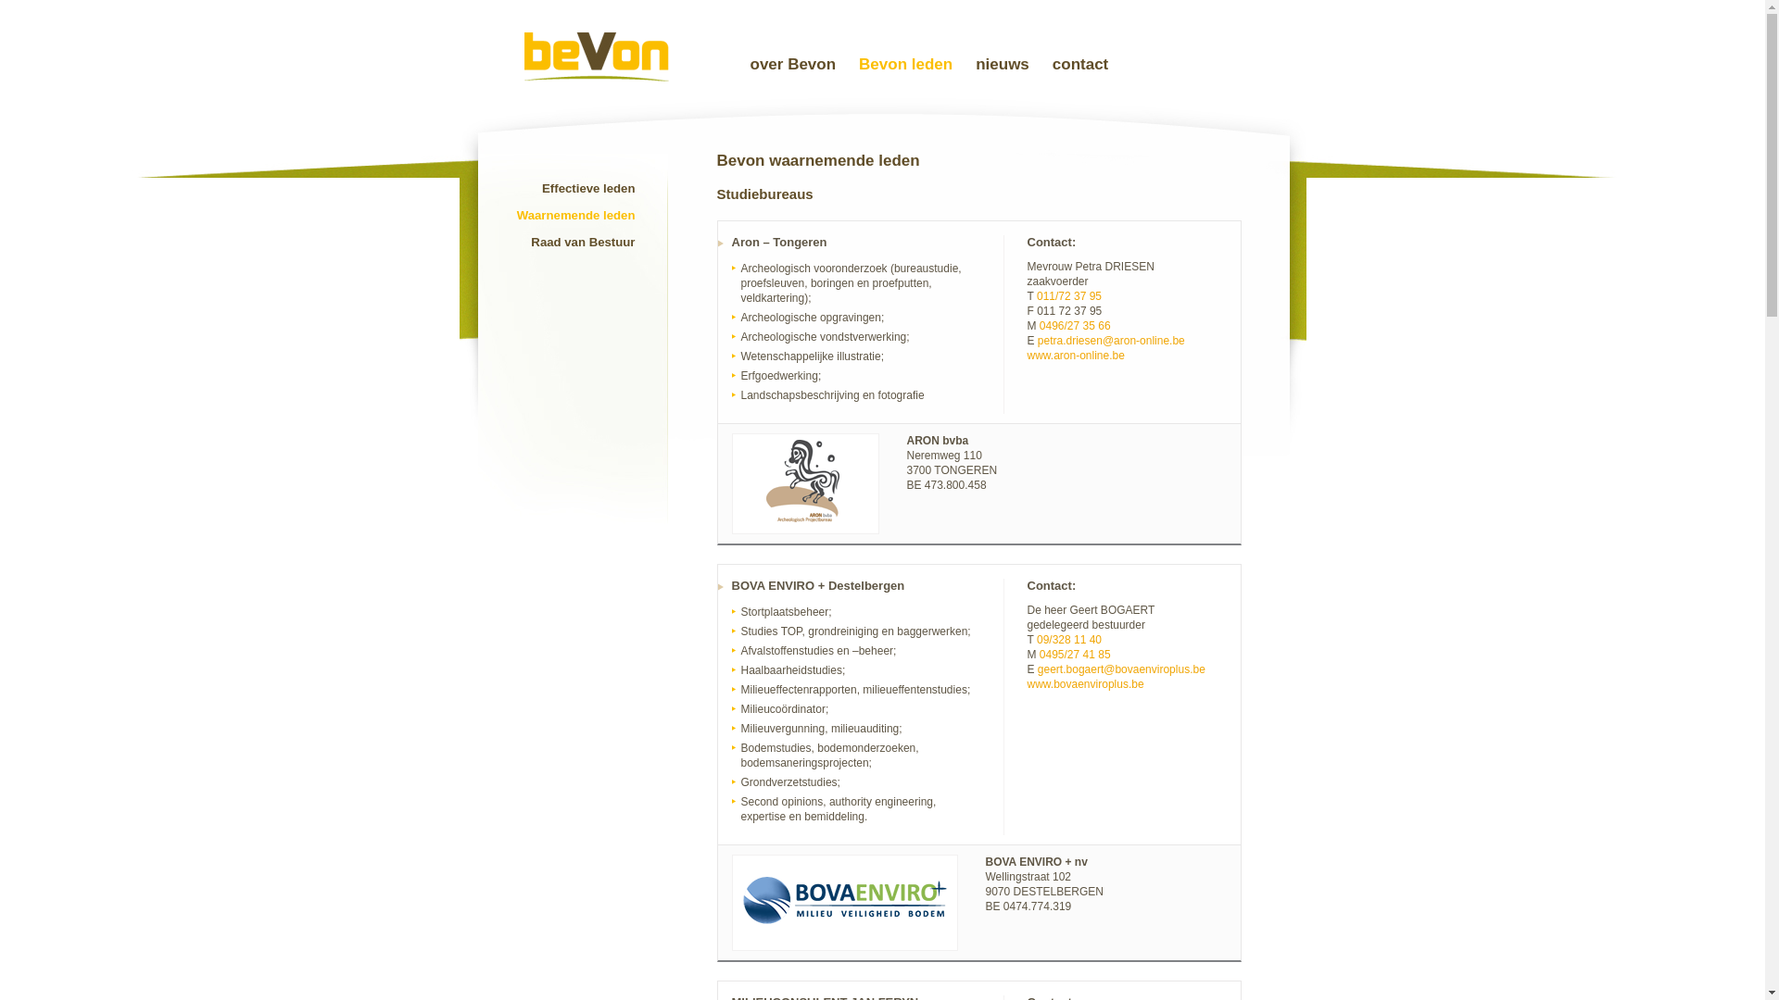 The image size is (1779, 1000). What do you see at coordinates (529, 241) in the screenshot?
I see `'Raad van Bestuur'` at bounding box center [529, 241].